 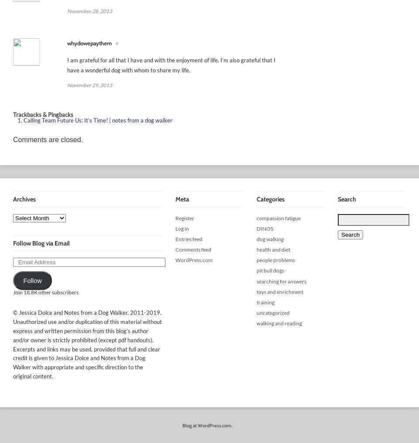 What do you see at coordinates (257, 313) in the screenshot?
I see `'uncategorized'` at bounding box center [257, 313].